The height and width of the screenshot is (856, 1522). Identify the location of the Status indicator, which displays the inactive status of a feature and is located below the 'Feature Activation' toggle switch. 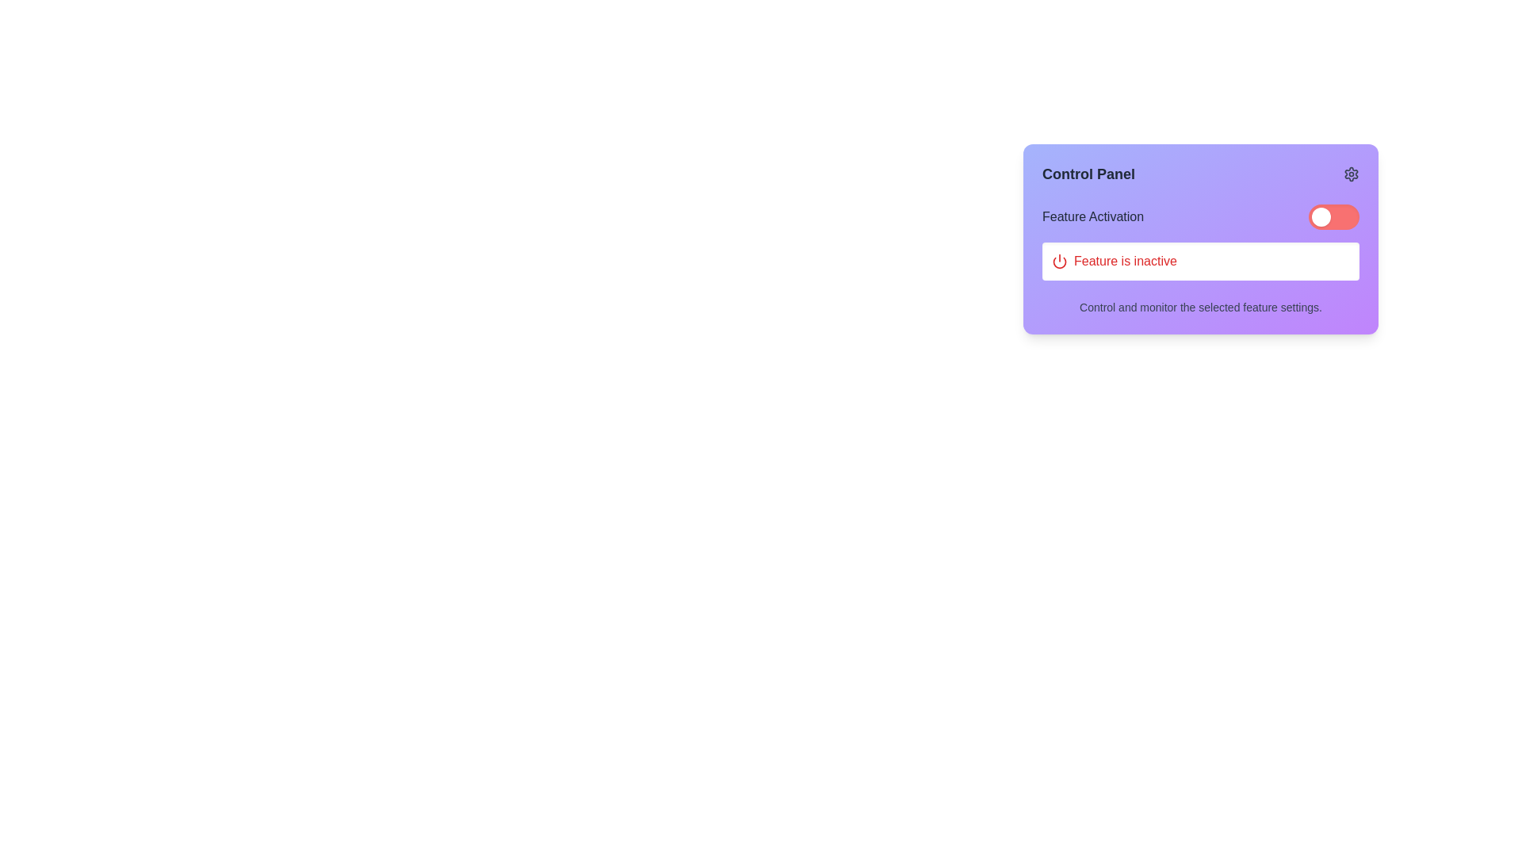
(1201, 261).